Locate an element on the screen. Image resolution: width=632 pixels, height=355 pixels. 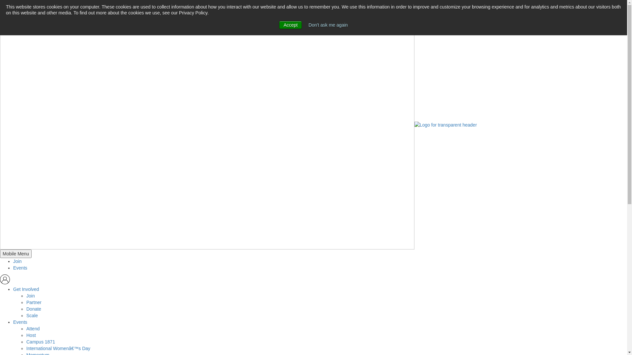
'Get Involved' is located at coordinates (26, 289).